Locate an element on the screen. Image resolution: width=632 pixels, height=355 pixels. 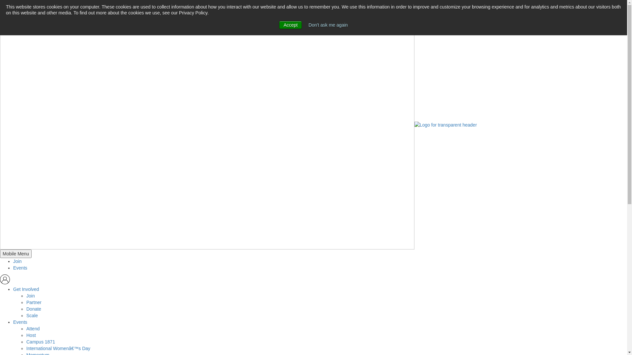
'Get Involved' is located at coordinates (26, 289).